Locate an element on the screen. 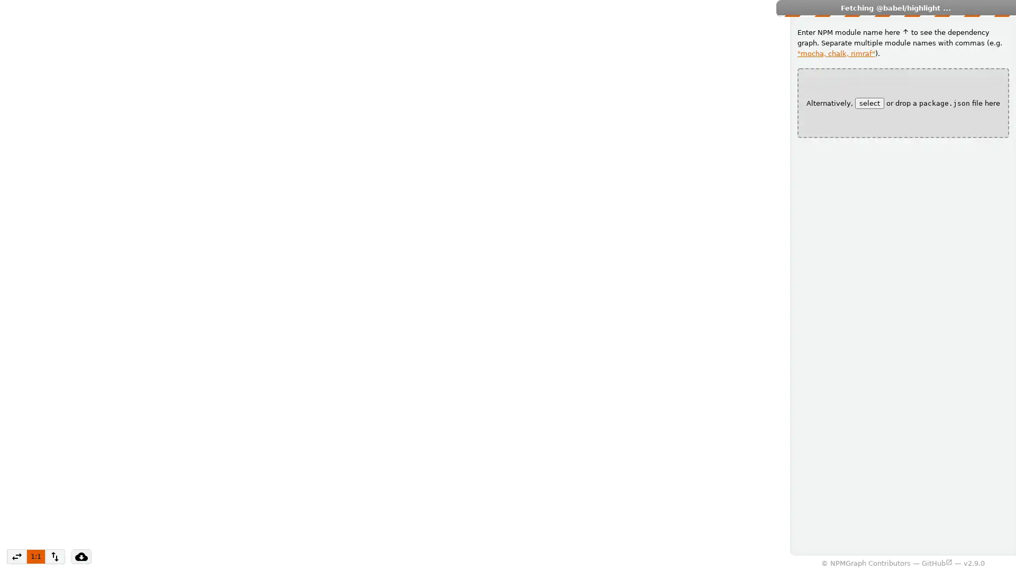 This screenshot has width=1016, height=571. swap_vert is located at coordinates (53, 556).